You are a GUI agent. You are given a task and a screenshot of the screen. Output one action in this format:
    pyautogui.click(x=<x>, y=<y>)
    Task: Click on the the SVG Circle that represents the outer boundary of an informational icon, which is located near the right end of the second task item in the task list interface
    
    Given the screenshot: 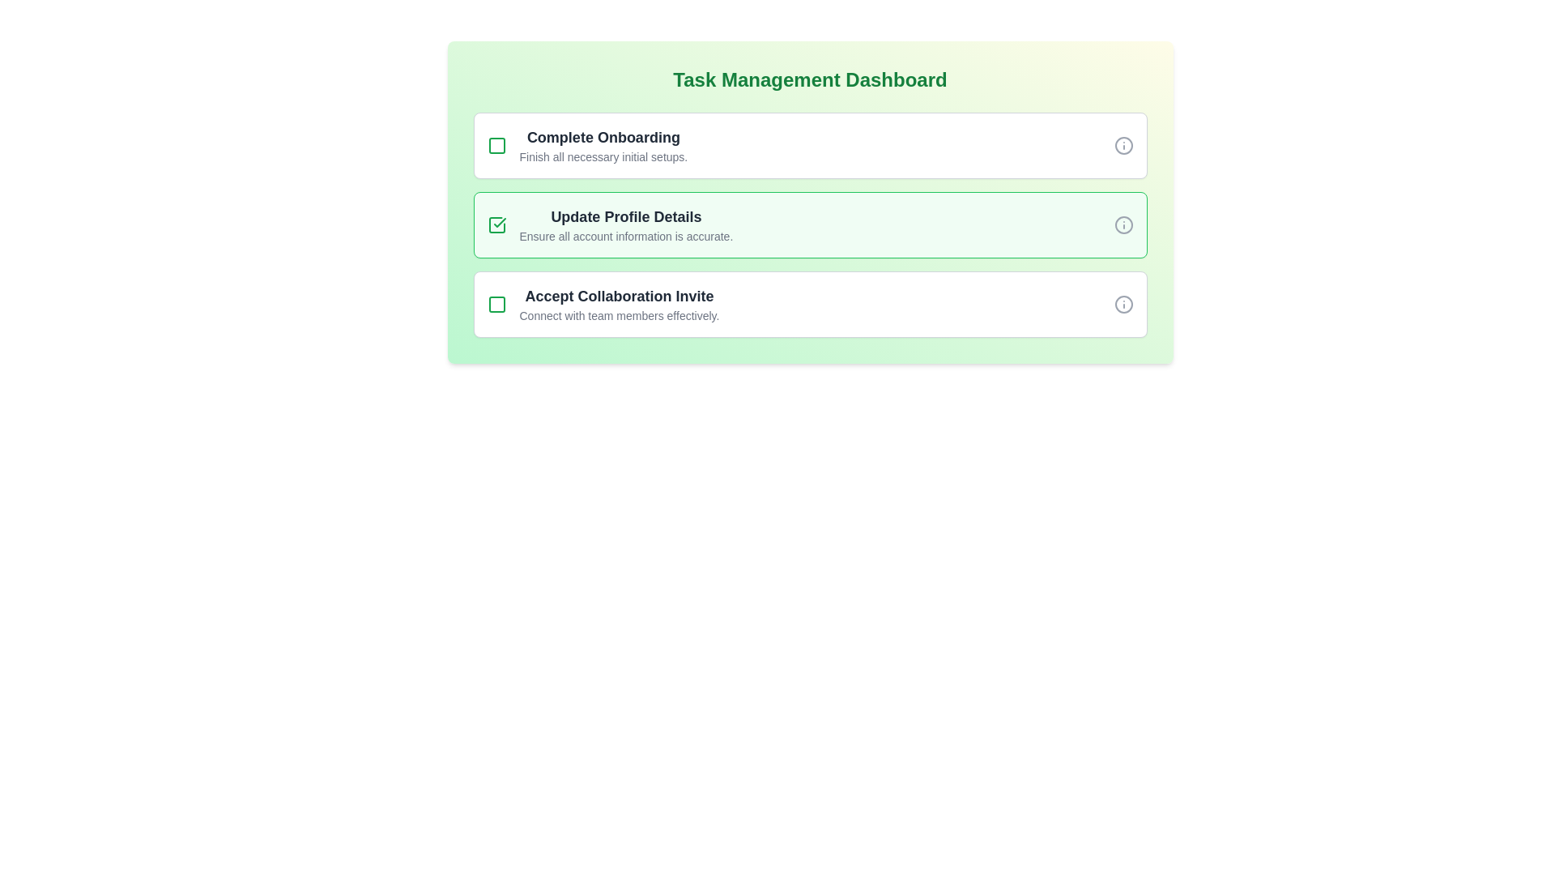 What is the action you would take?
    pyautogui.click(x=1123, y=146)
    